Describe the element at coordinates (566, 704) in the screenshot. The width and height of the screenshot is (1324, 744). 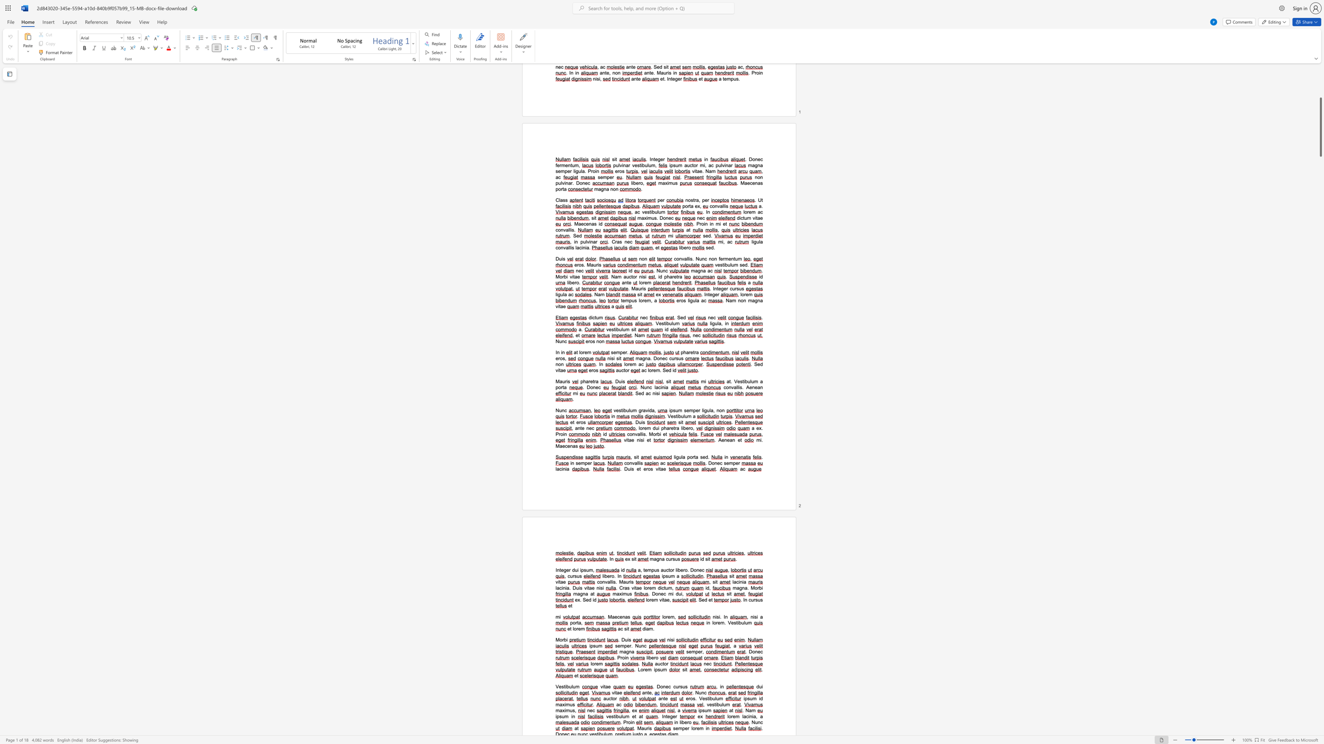
I see `the space between the continuous character "i" and "m" in the text` at that location.